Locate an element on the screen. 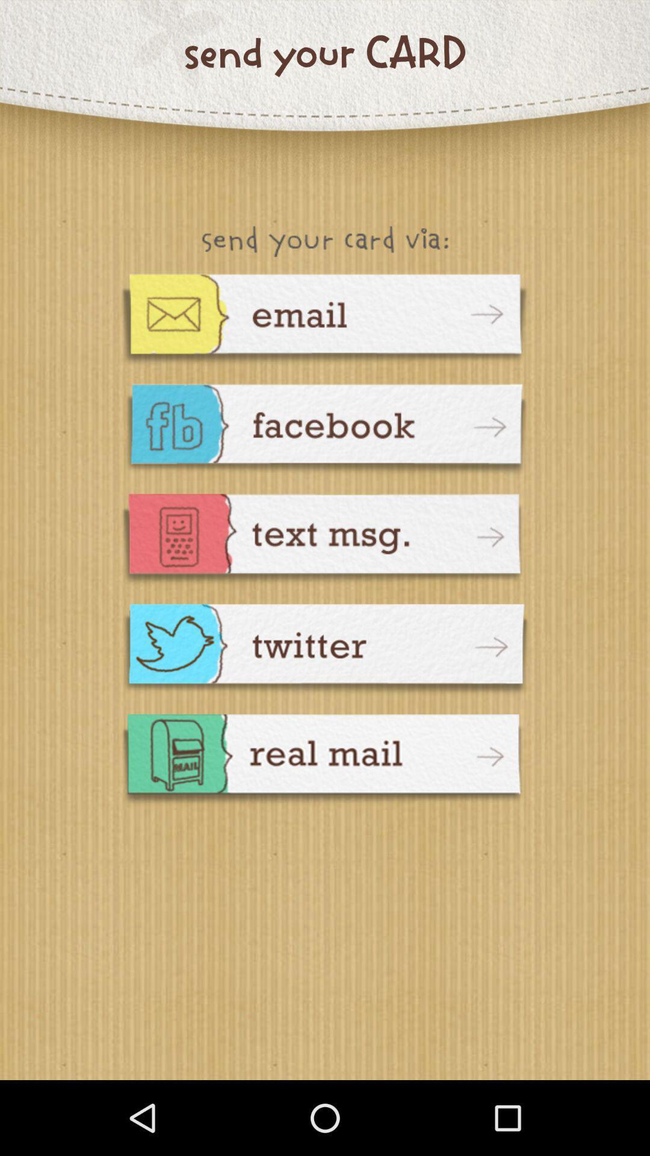  send card via text message is located at coordinates (325, 540).